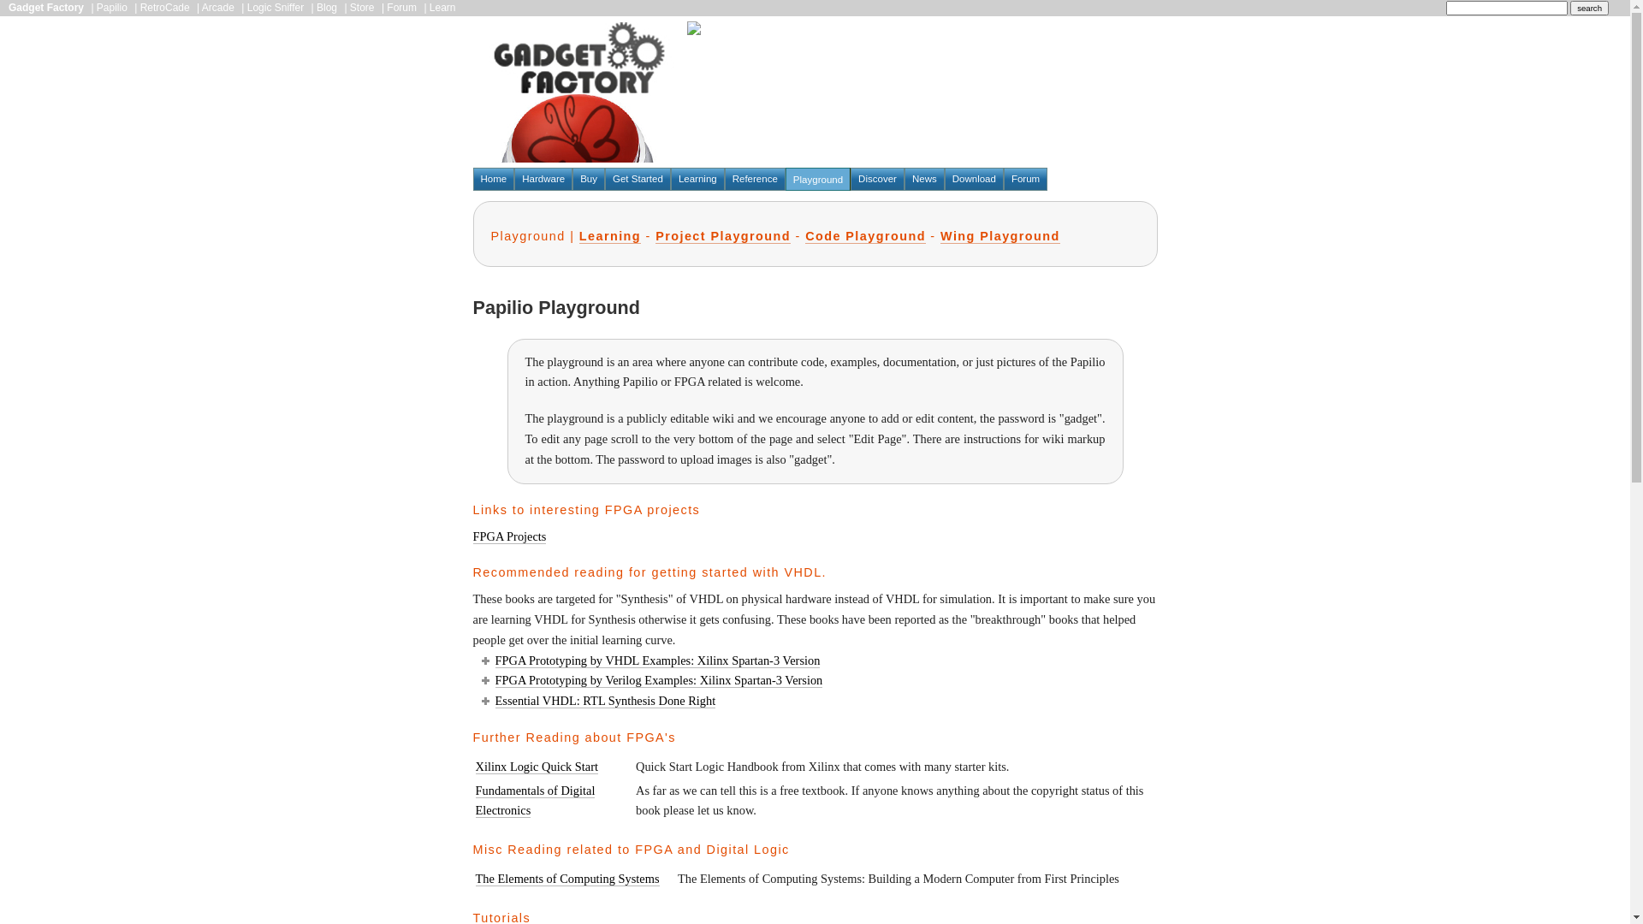 The height and width of the screenshot is (924, 1643). What do you see at coordinates (534, 801) in the screenshot?
I see `'Fundamentals of Digital Electronics'` at bounding box center [534, 801].